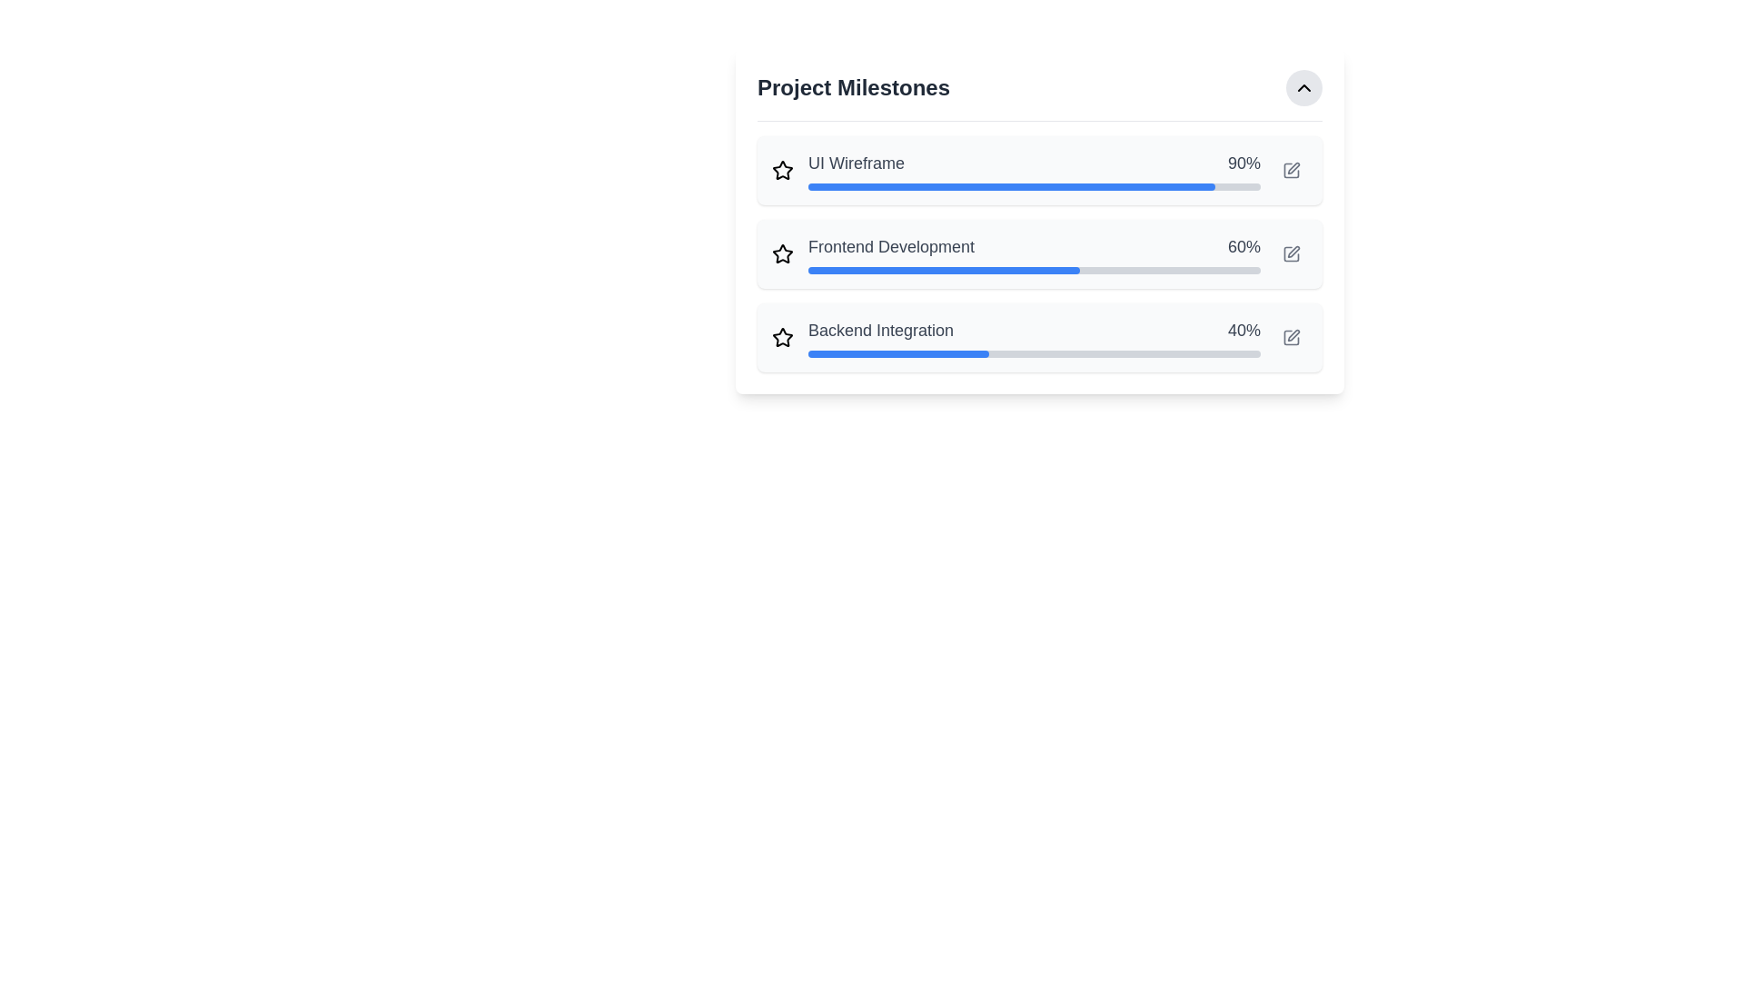 This screenshot has width=1744, height=981. What do you see at coordinates (1040, 337) in the screenshot?
I see `the progress bar in the progress card titled 'Backend Integration'` at bounding box center [1040, 337].